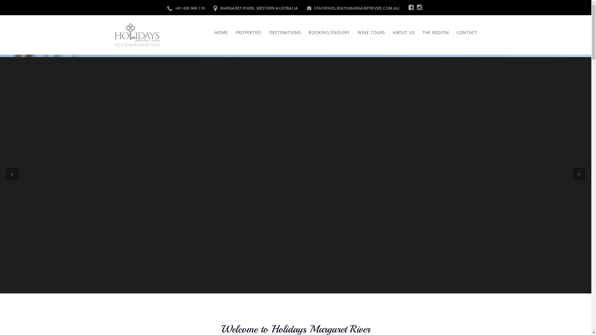 This screenshot has height=335, width=596. Describe the element at coordinates (301, 32) in the screenshot. I see `'BOOKING ENQUIRY'` at that location.